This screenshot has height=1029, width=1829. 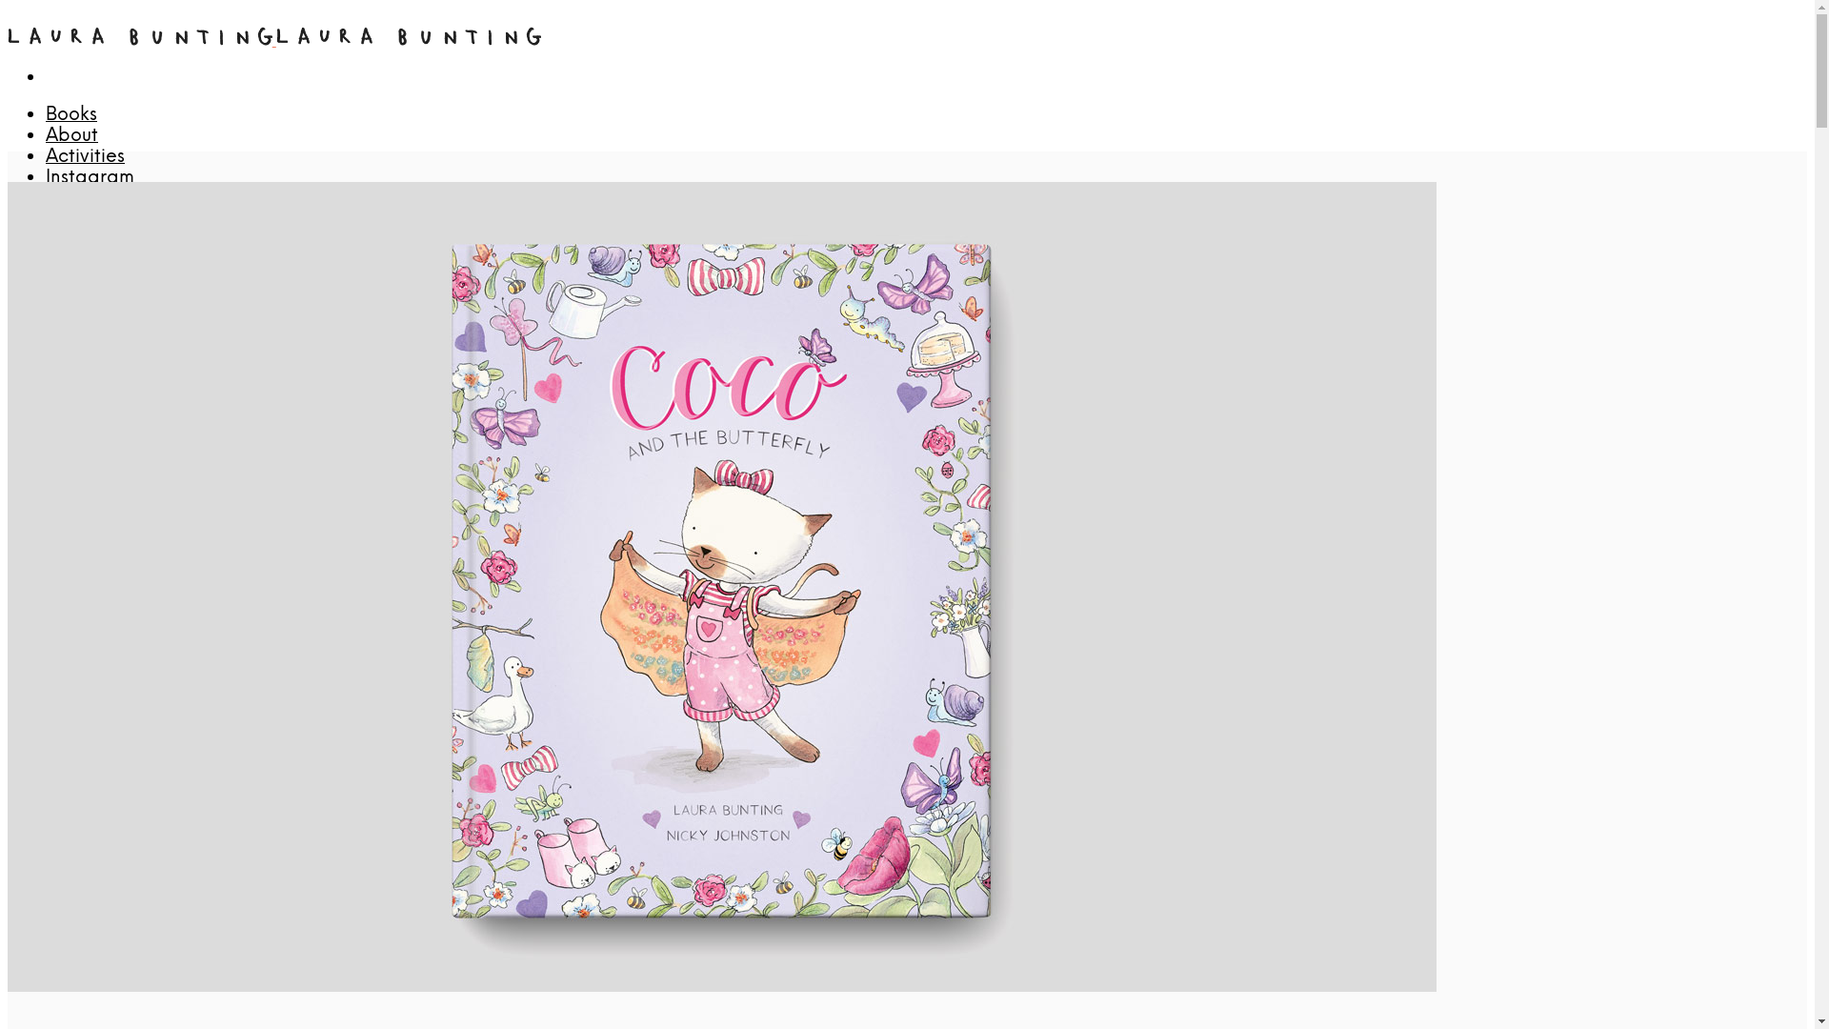 What do you see at coordinates (89, 177) in the screenshot?
I see `'Instagram'` at bounding box center [89, 177].